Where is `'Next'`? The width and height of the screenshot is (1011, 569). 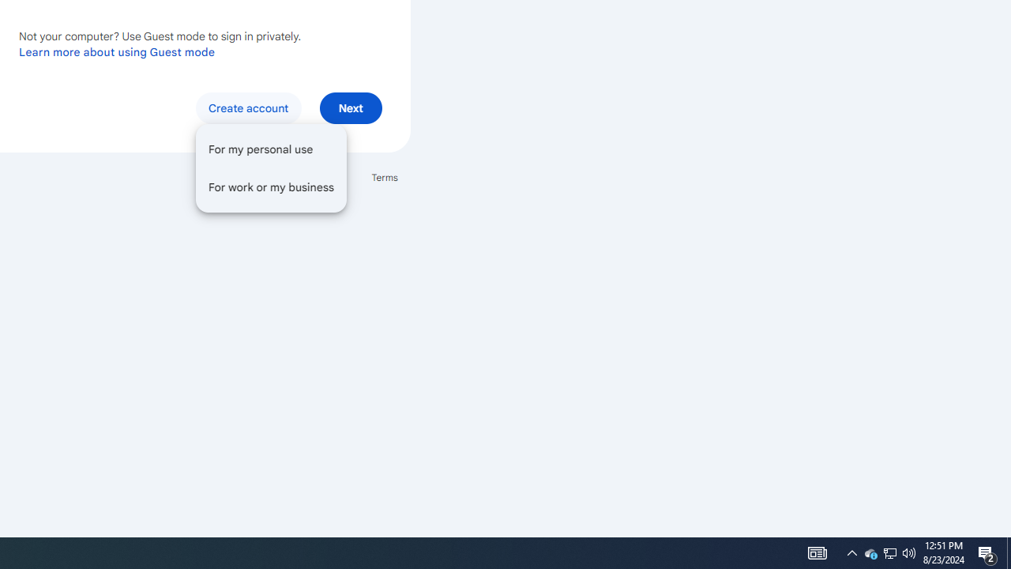
'Next' is located at coordinates (350, 107).